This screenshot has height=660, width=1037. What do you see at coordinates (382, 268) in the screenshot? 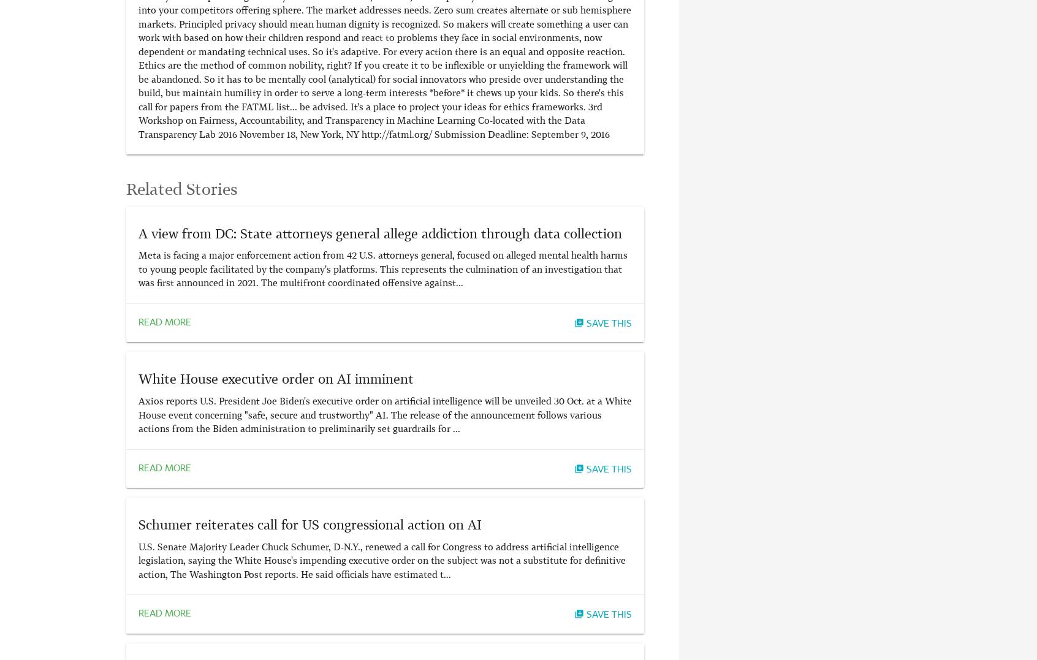
I see `'Meta is facing a major enforcement action from 42 U.S. attorneys general, focused on alleged mental health harms to young people facilitated by the company's platforms. This represents the culmination of an investigation that was first announced in 2021.
The multifront coordinated offensive against...'` at bounding box center [382, 268].